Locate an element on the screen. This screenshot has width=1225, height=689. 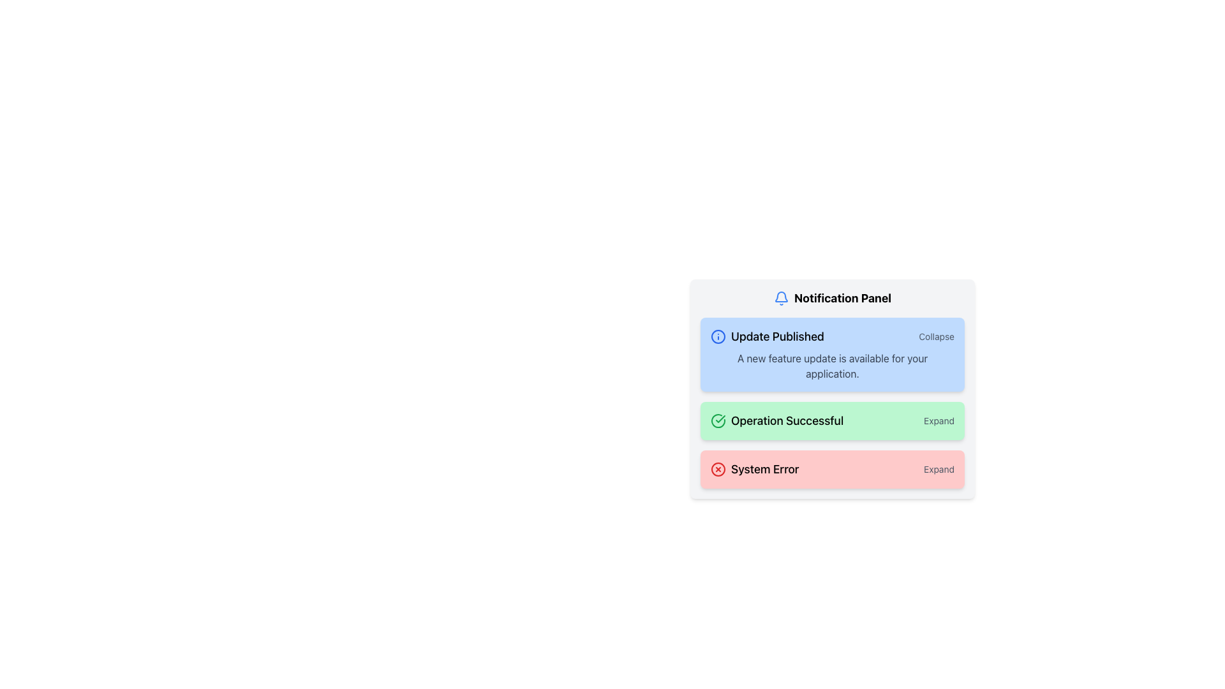
the 'System Error' notification row in the Notification Panel is located at coordinates (833, 470).